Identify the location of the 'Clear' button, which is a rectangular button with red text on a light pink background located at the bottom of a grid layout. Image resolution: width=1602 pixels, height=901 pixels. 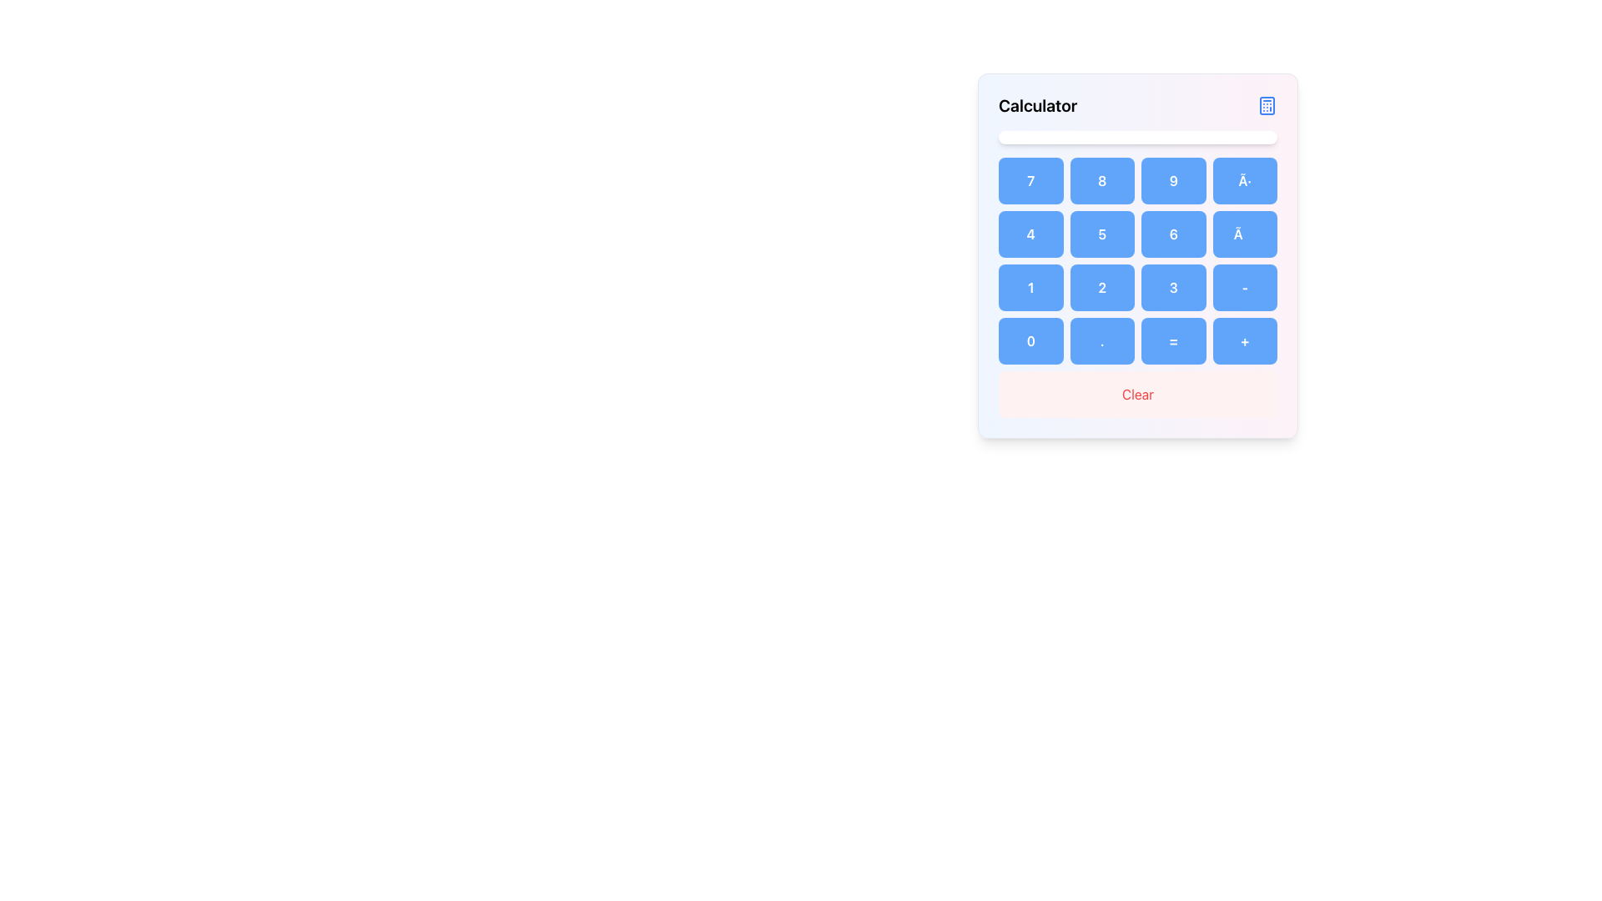
(1136, 395).